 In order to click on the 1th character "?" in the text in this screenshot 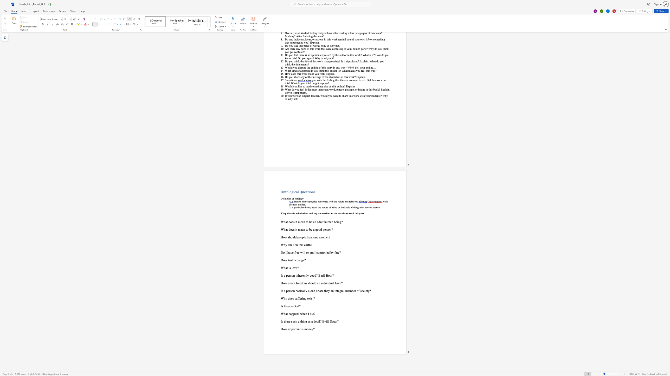, I will do `click(314, 313)`.